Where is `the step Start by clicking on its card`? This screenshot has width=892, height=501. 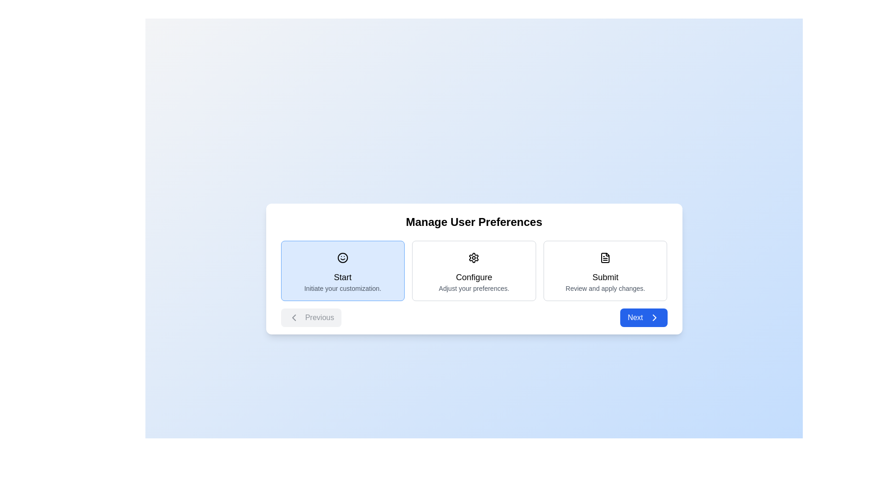
the step Start by clicking on its card is located at coordinates (342, 270).